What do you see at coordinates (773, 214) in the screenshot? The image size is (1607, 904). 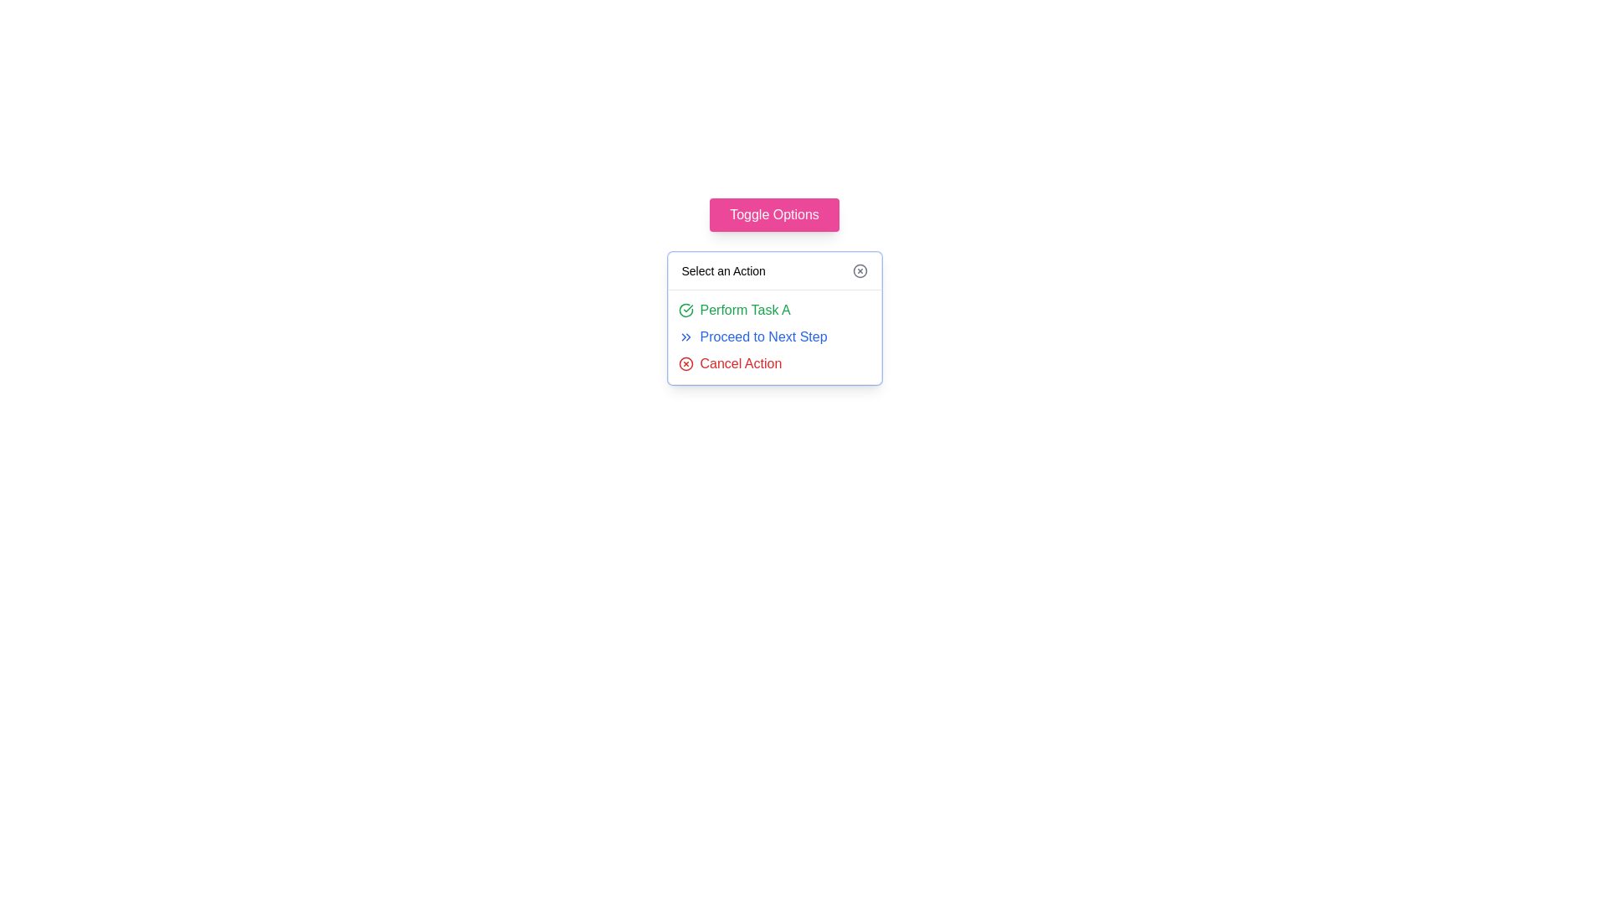 I see `the toggle button located above the dropdown modal` at bounding box center [773, 214].